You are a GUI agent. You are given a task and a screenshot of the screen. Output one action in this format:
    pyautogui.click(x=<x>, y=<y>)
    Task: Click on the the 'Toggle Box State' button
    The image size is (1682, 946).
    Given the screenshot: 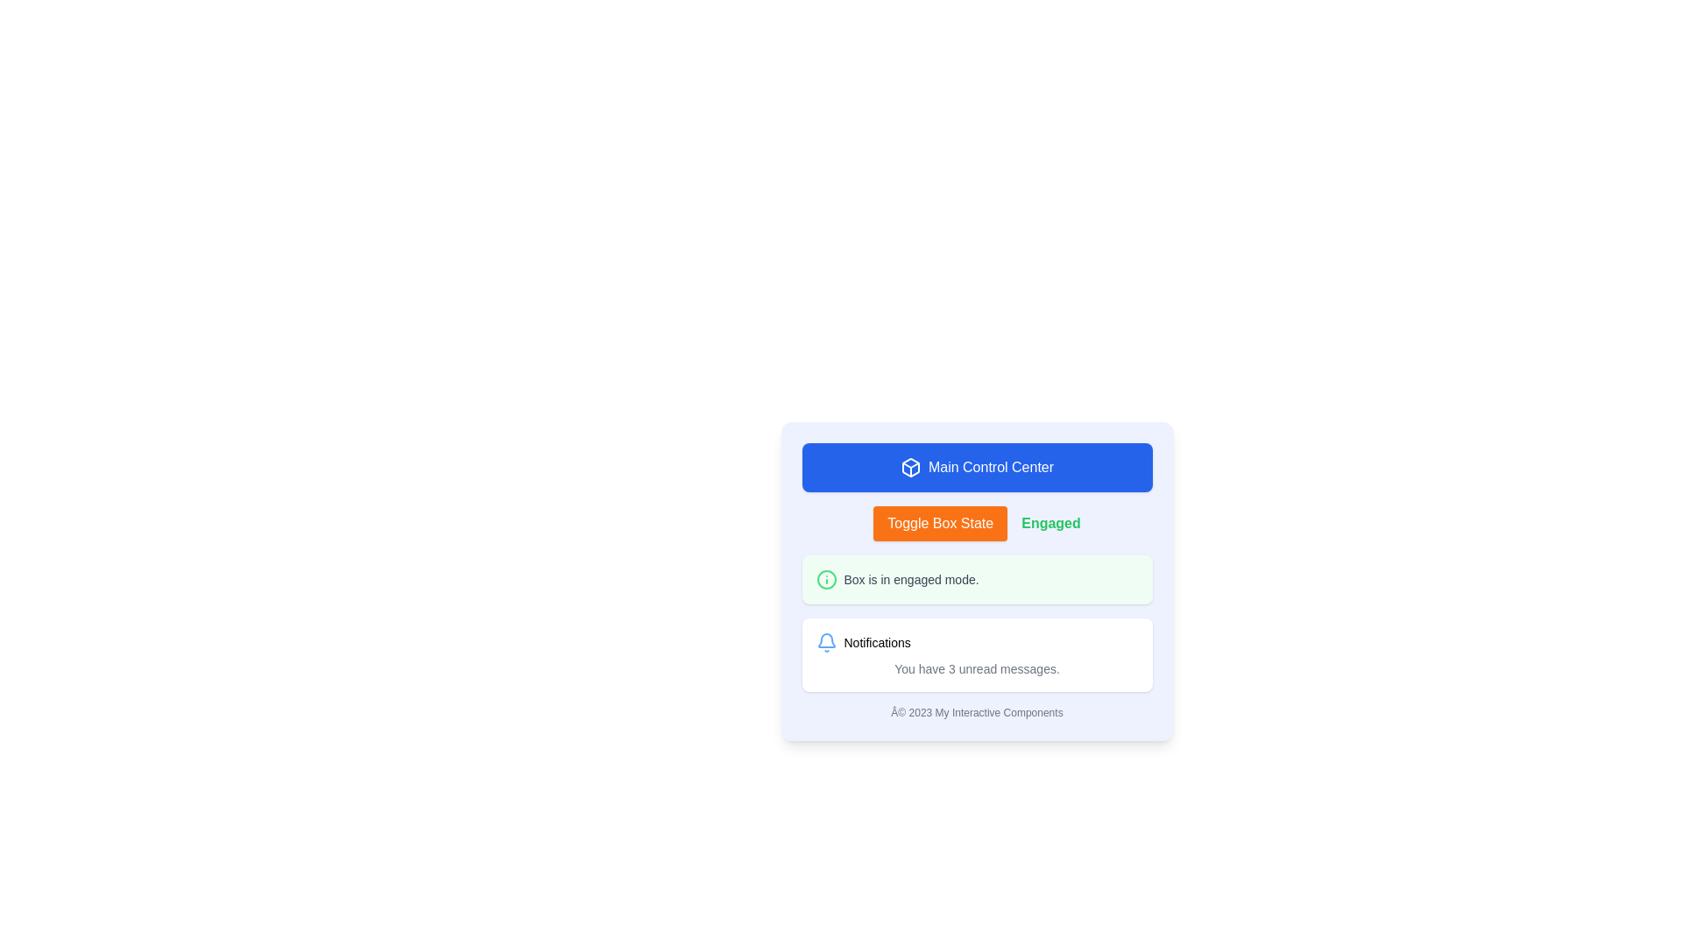 What is the action you would take?
    pyautogui.click(x=939, y=522)
    